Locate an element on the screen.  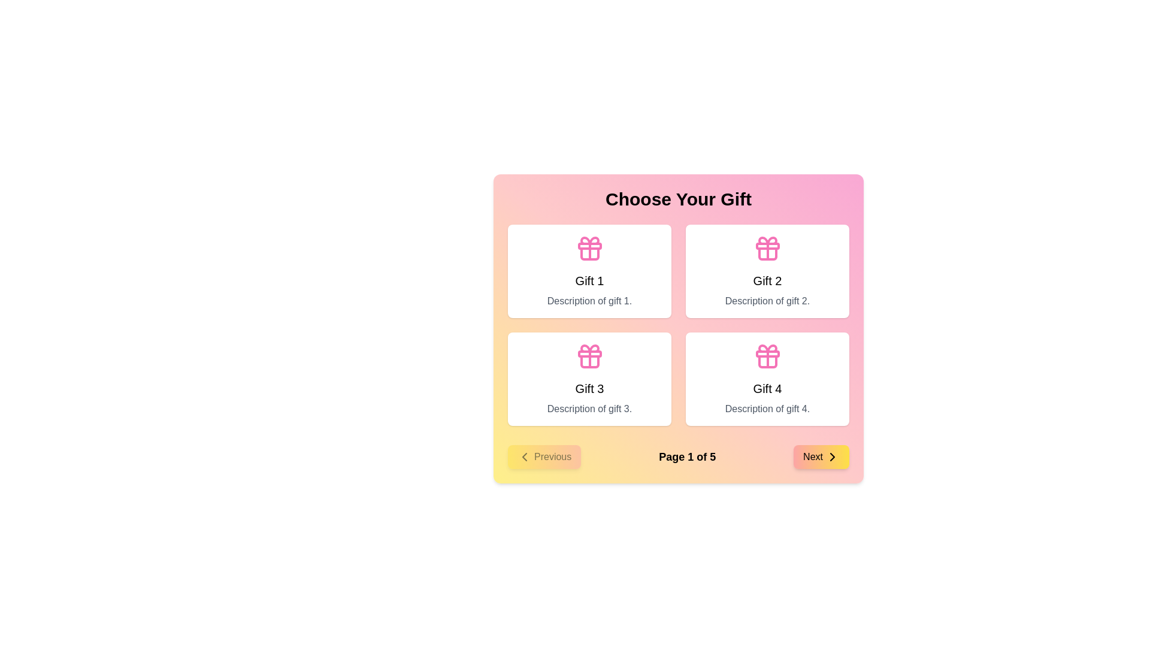
the topmost component of the gift box icon, which is part of an SVG illustration located above the text 'Gift 3' is located at coordinates (589, 349).